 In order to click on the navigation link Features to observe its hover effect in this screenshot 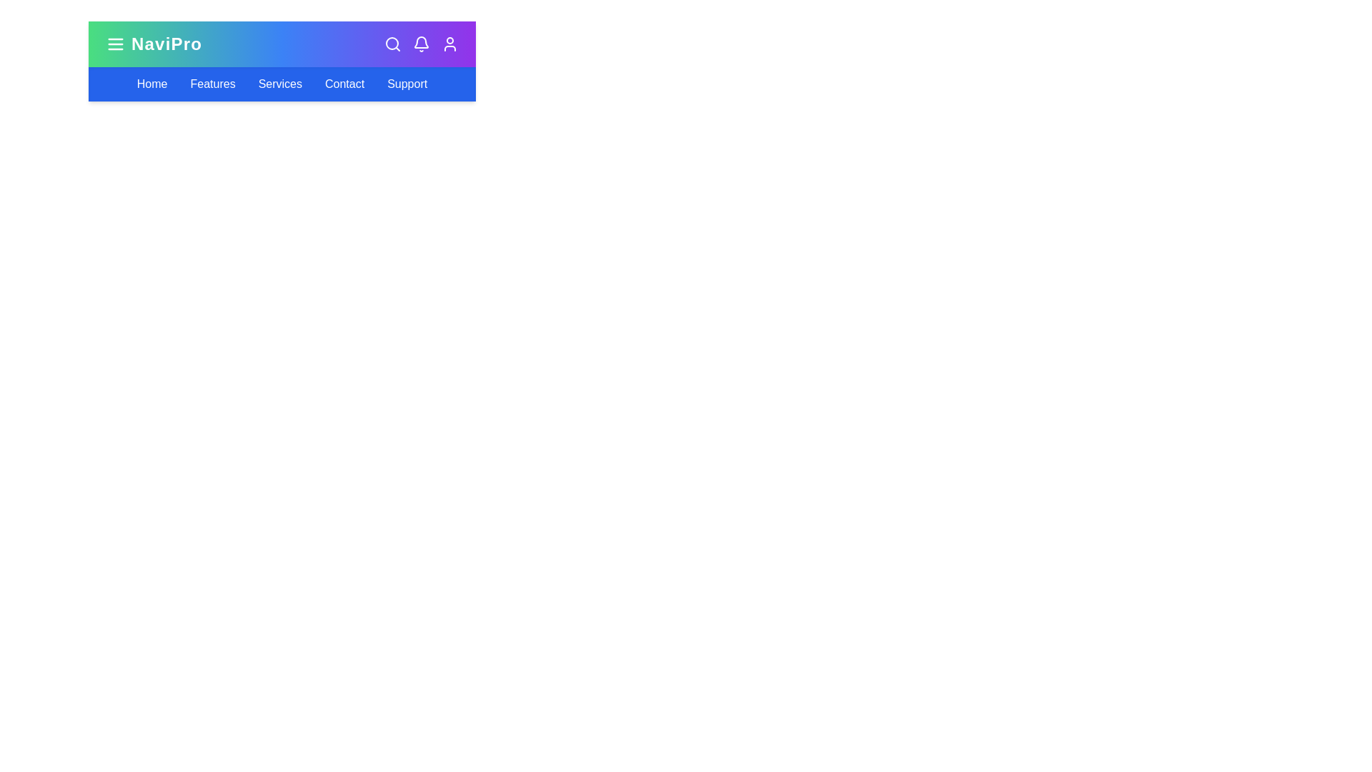, I will do `click(212, 84)`.